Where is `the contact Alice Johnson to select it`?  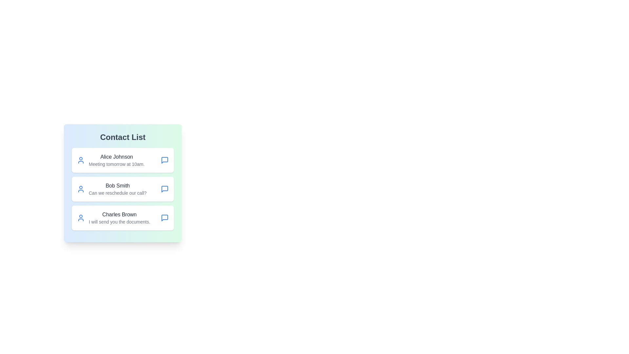
the contact Alice Johnson to select it is located at coordinates (123, 160).